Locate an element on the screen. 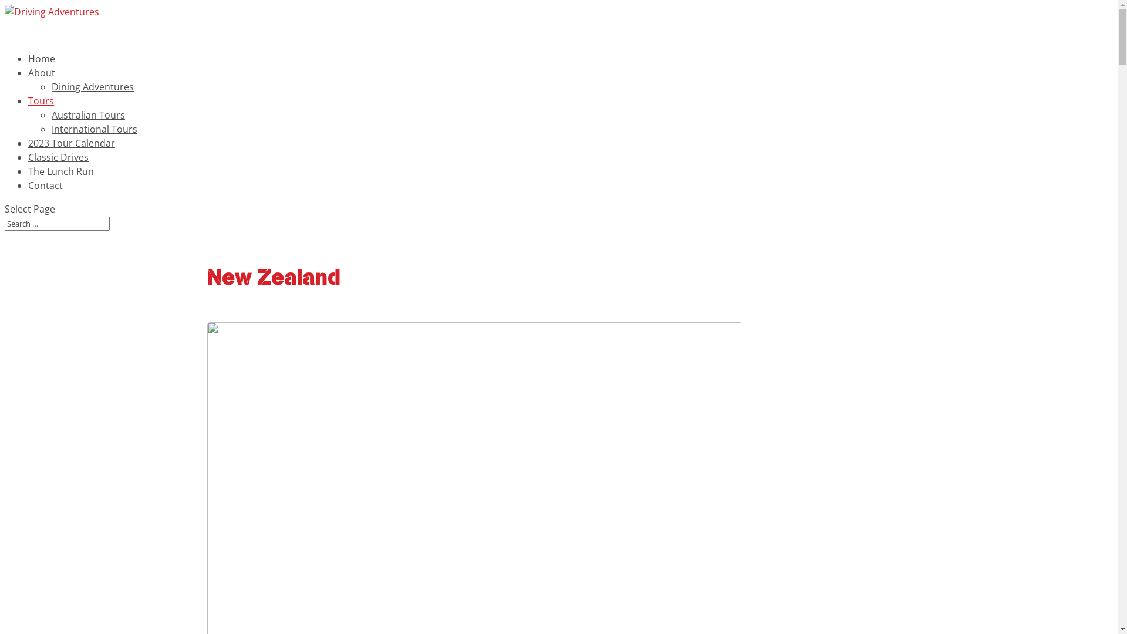 This screenshot has width=1127, height=634. '2023 Tour Calendar' is located at coordinates (28, 154).